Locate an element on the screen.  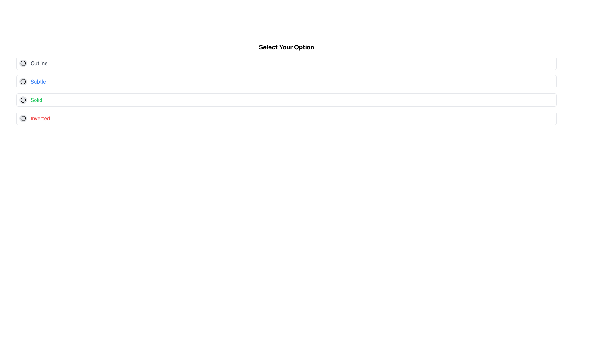
the radio button styled selector located in the 'Solid' option row, which has a small circular icon with a black border and a gray background, to trigger the tooltip or interaction is located at coordinates (23, 100).